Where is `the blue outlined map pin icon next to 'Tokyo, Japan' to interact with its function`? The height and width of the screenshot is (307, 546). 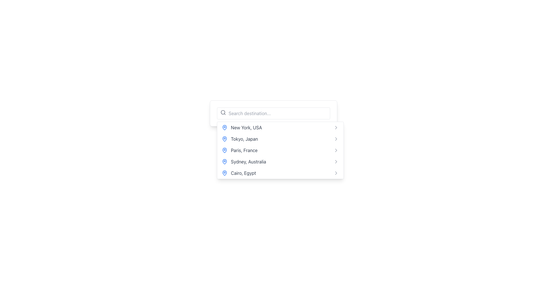
the blue outlined map pin icon next to 'Tokyo, Japan' to interact with its function is located at coordinates (224, 139).